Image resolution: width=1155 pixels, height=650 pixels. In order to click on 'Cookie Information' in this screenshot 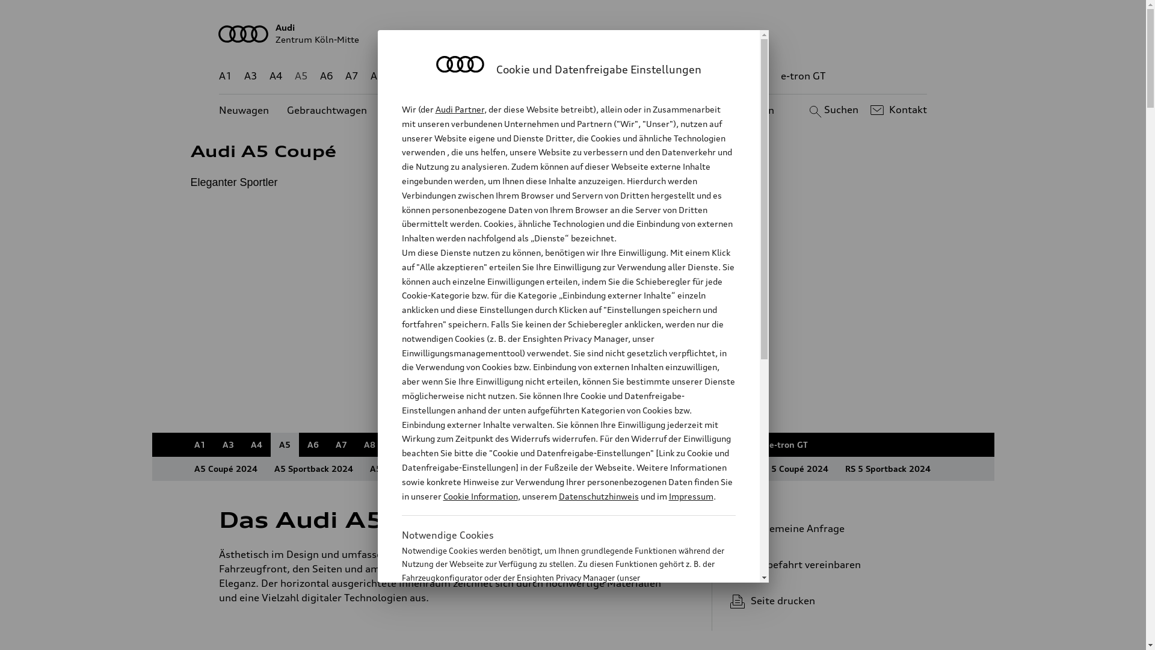, I will do `click(479, 496)`.